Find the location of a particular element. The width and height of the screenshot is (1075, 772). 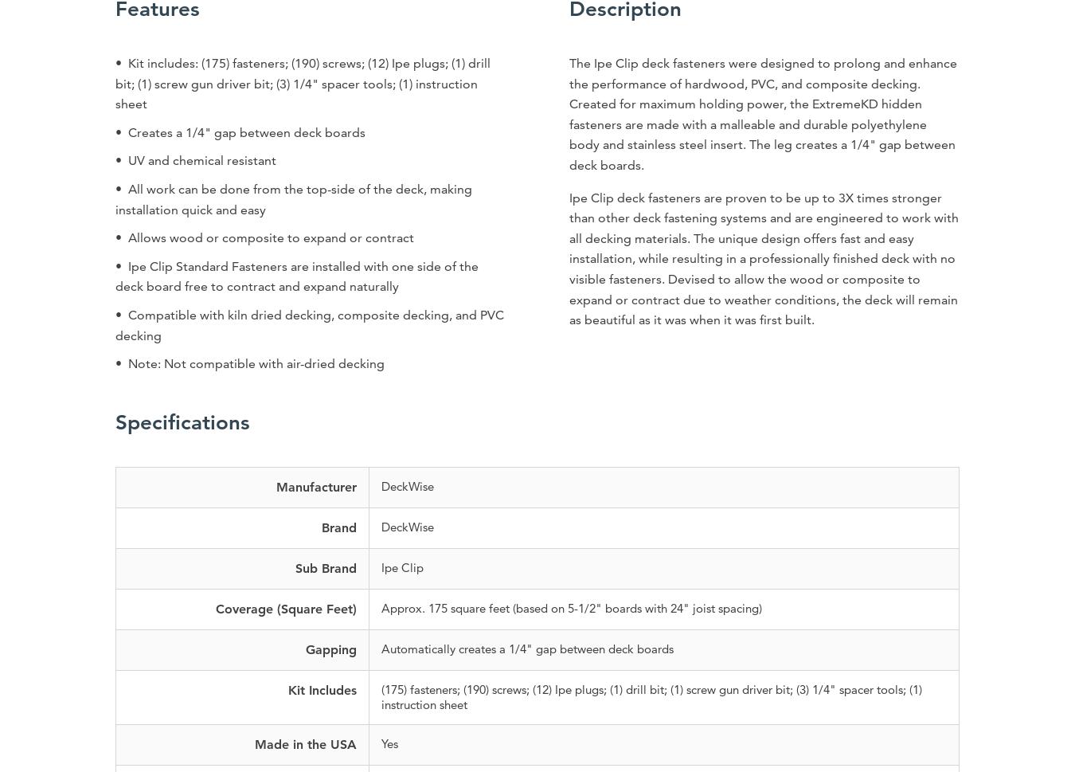

'(175) fasteners; (190) screws; (12) Ipe plugs; (1) drill bit; (1) screw gun driver bit; (3) 1/4" spacer tools; (1) instruction sheet' is located at coordinates (651, 696).